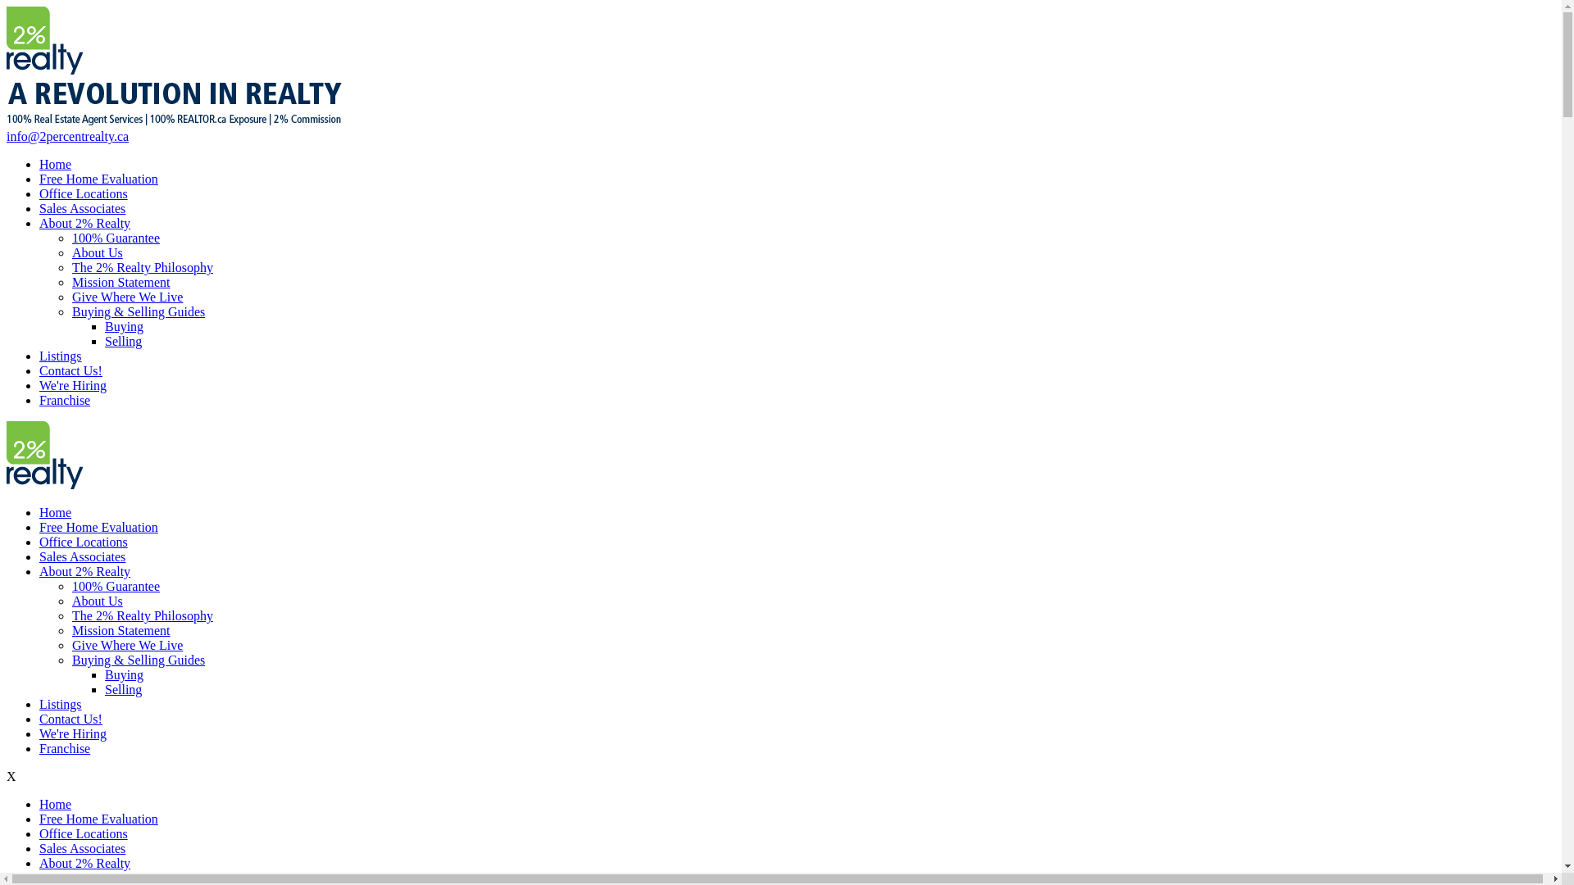 The width and height of the screenshot is (1574, 885). Describe the element at coordinates (64, 400) in the screenshot. I see `'Franchise'` at that location.